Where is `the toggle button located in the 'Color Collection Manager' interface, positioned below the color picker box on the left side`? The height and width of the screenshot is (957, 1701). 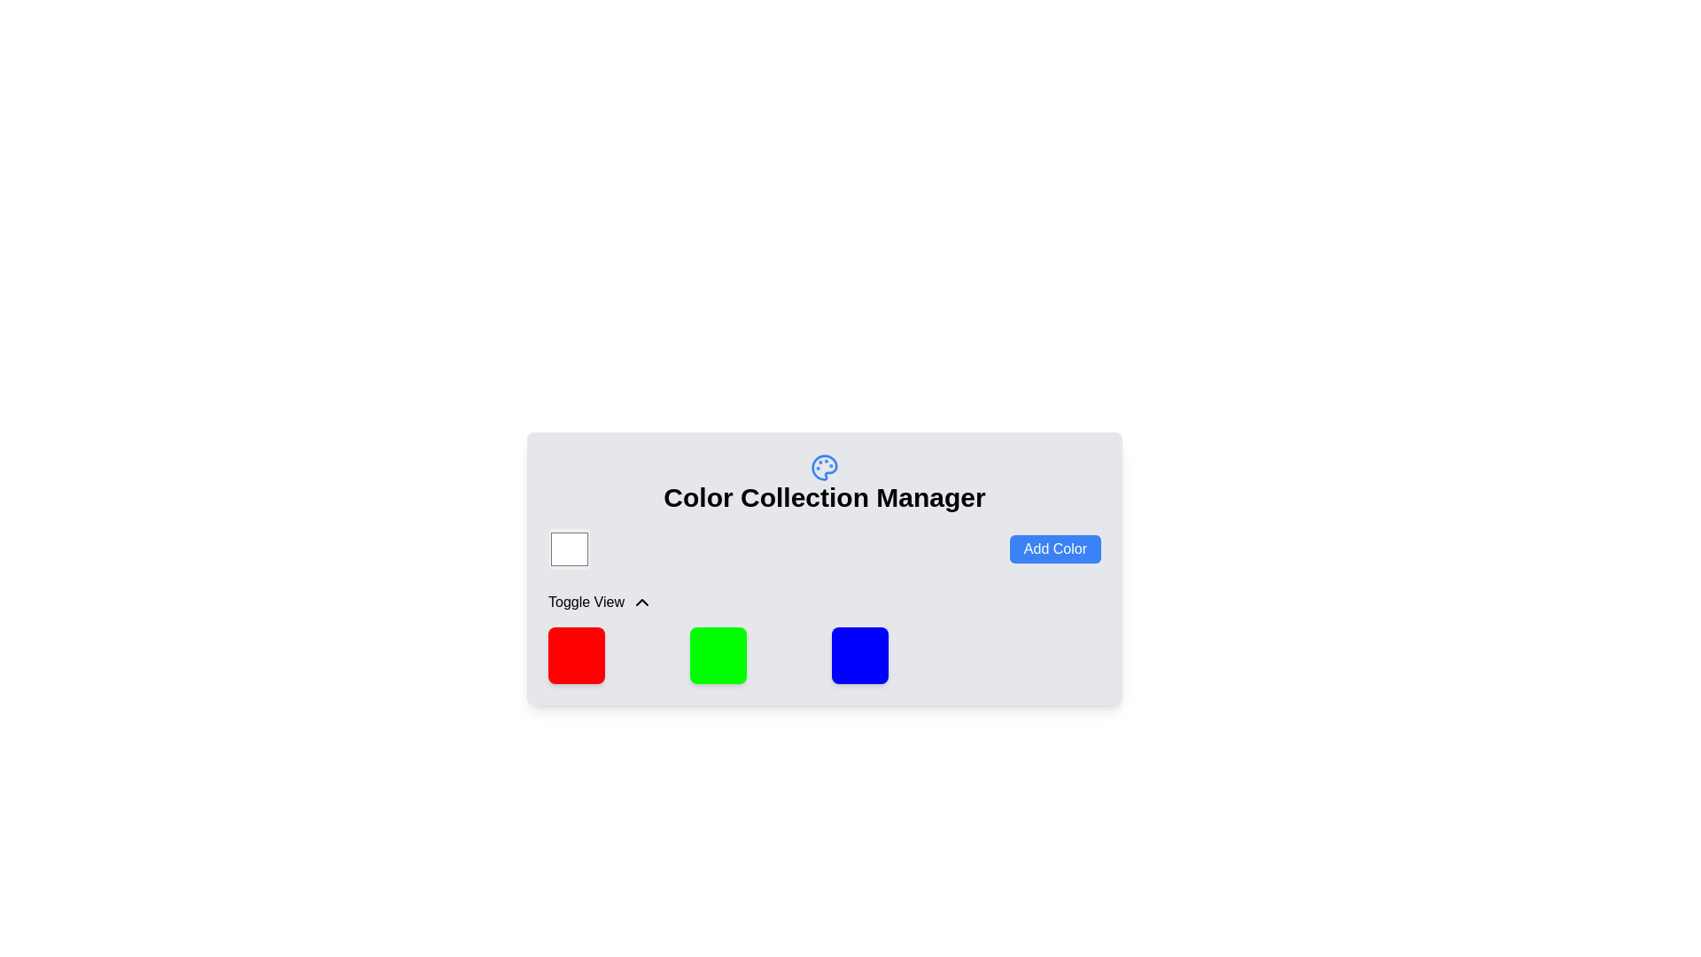
the toggle button located in the 'Color Collection Manager' interface, positioned below the color picker box on the left side is located at coordinates (600, 601).